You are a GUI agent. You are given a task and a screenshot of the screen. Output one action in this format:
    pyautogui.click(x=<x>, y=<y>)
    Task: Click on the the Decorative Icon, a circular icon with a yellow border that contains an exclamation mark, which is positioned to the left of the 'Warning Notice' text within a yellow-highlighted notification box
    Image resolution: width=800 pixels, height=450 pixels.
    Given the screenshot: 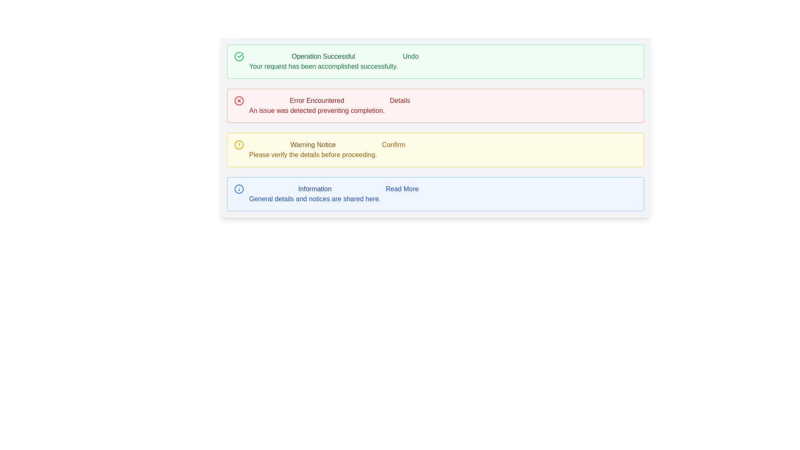 What is the action you would take?
    pyautogui.click(x=239, y=144)
    